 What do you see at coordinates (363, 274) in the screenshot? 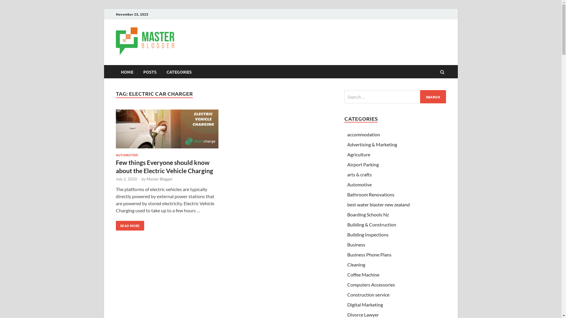
I see `'Coffee Machine'` at bounding box center [363, 274].